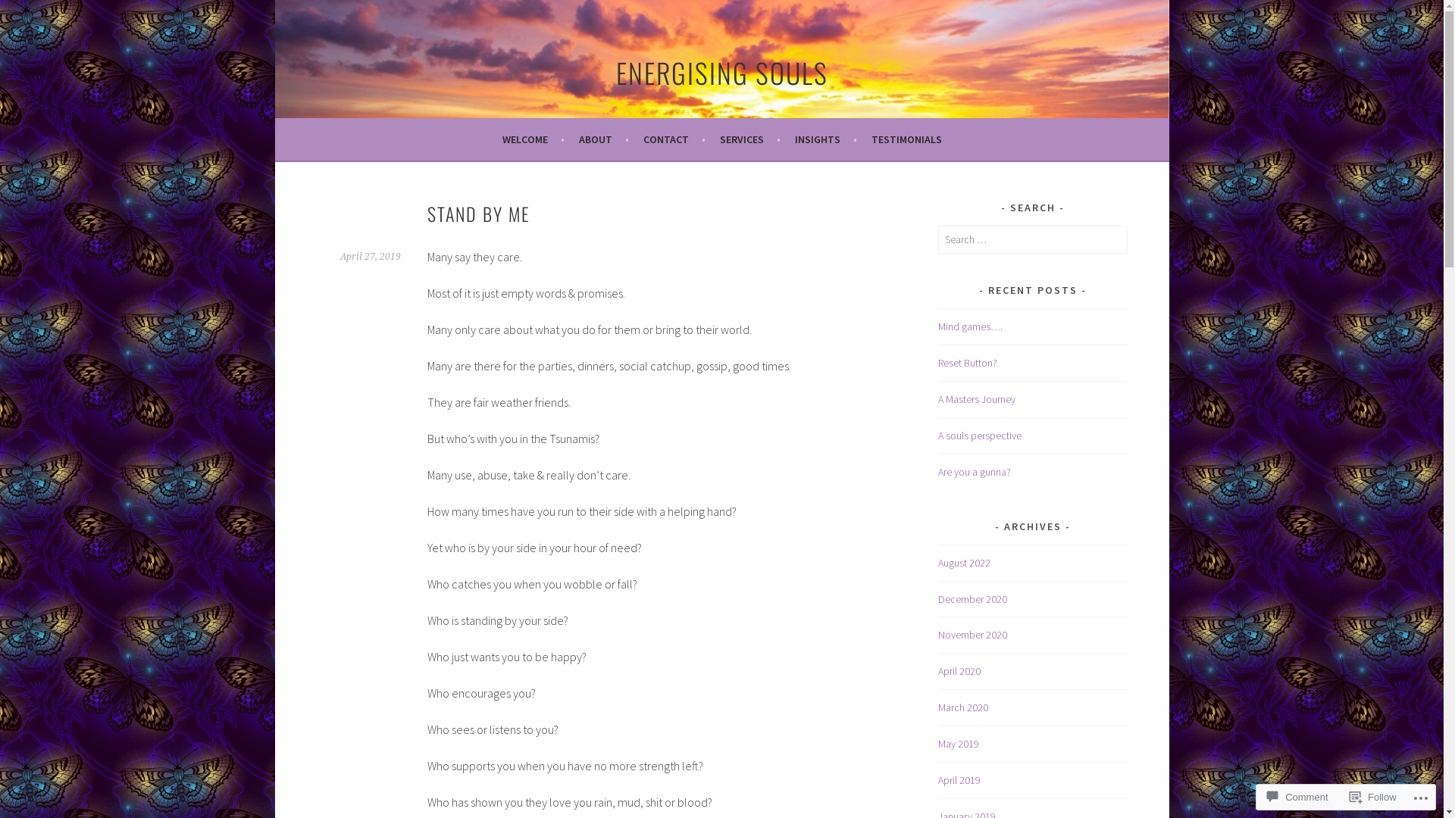 The width and height of the screenshot is (1455, 818). Describe the element at coordinates (720, 72) in the screenshot. I see `'ENERGISING SOULS'` at that location.